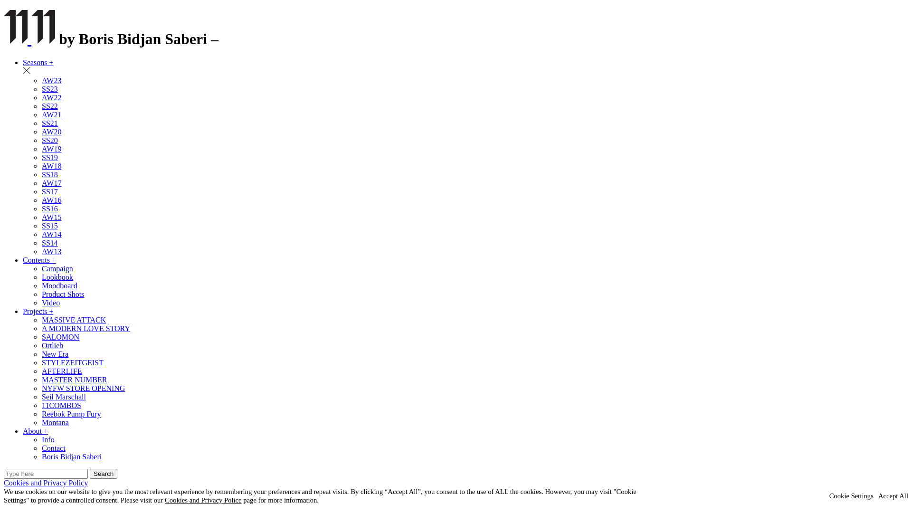  Describe the element at coordinates (41, 114) in the screenshot. I see `'AW21'` at that location.